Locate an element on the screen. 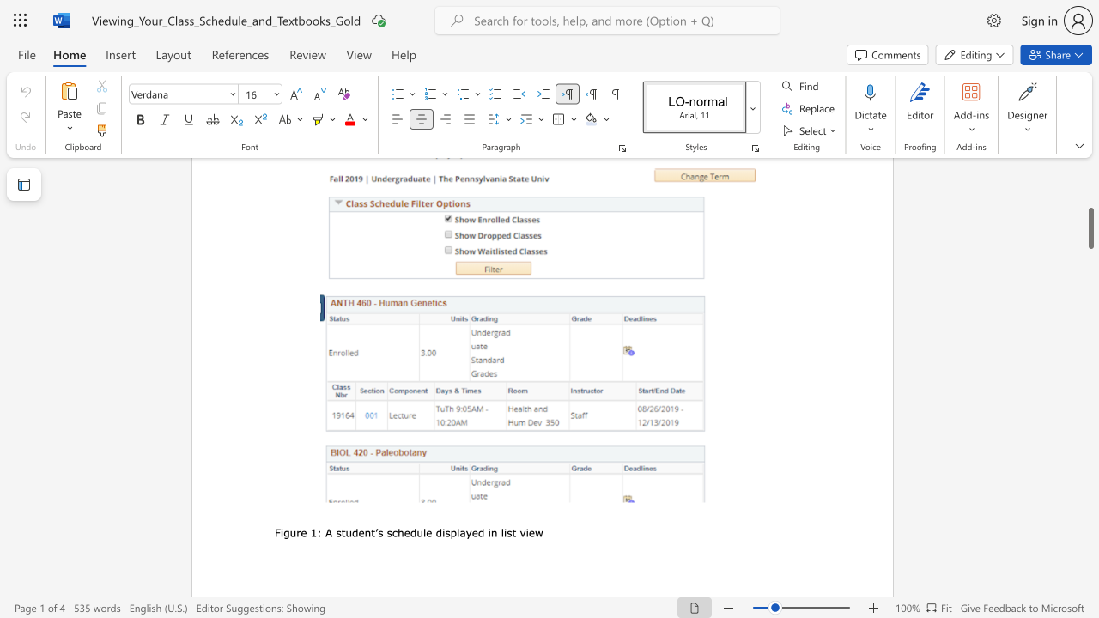 The width and height of the screenshot is (1099, 618). the scrollbar and move down 2160 pixels is located at coordinates (1090, 227).